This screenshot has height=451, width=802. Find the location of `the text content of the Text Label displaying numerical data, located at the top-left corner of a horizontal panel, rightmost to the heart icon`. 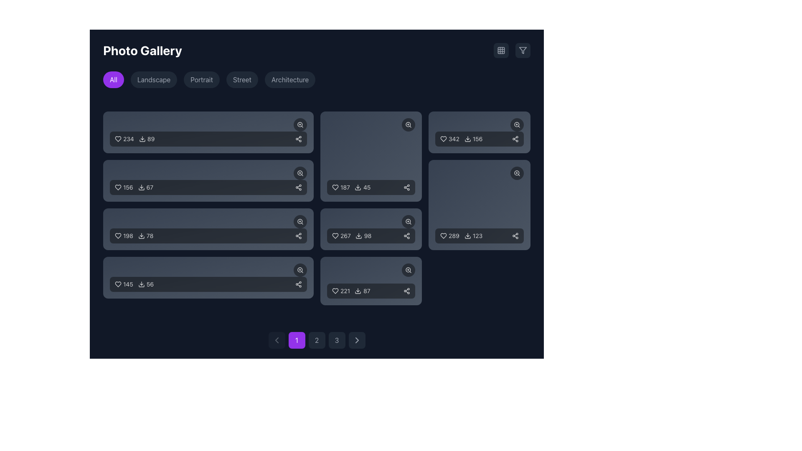

the text content of the Text Label displaying numerical data, located at the top-left corner of a horizontal panel, rightmost to the heart icon is located at coordinates (128, 138).